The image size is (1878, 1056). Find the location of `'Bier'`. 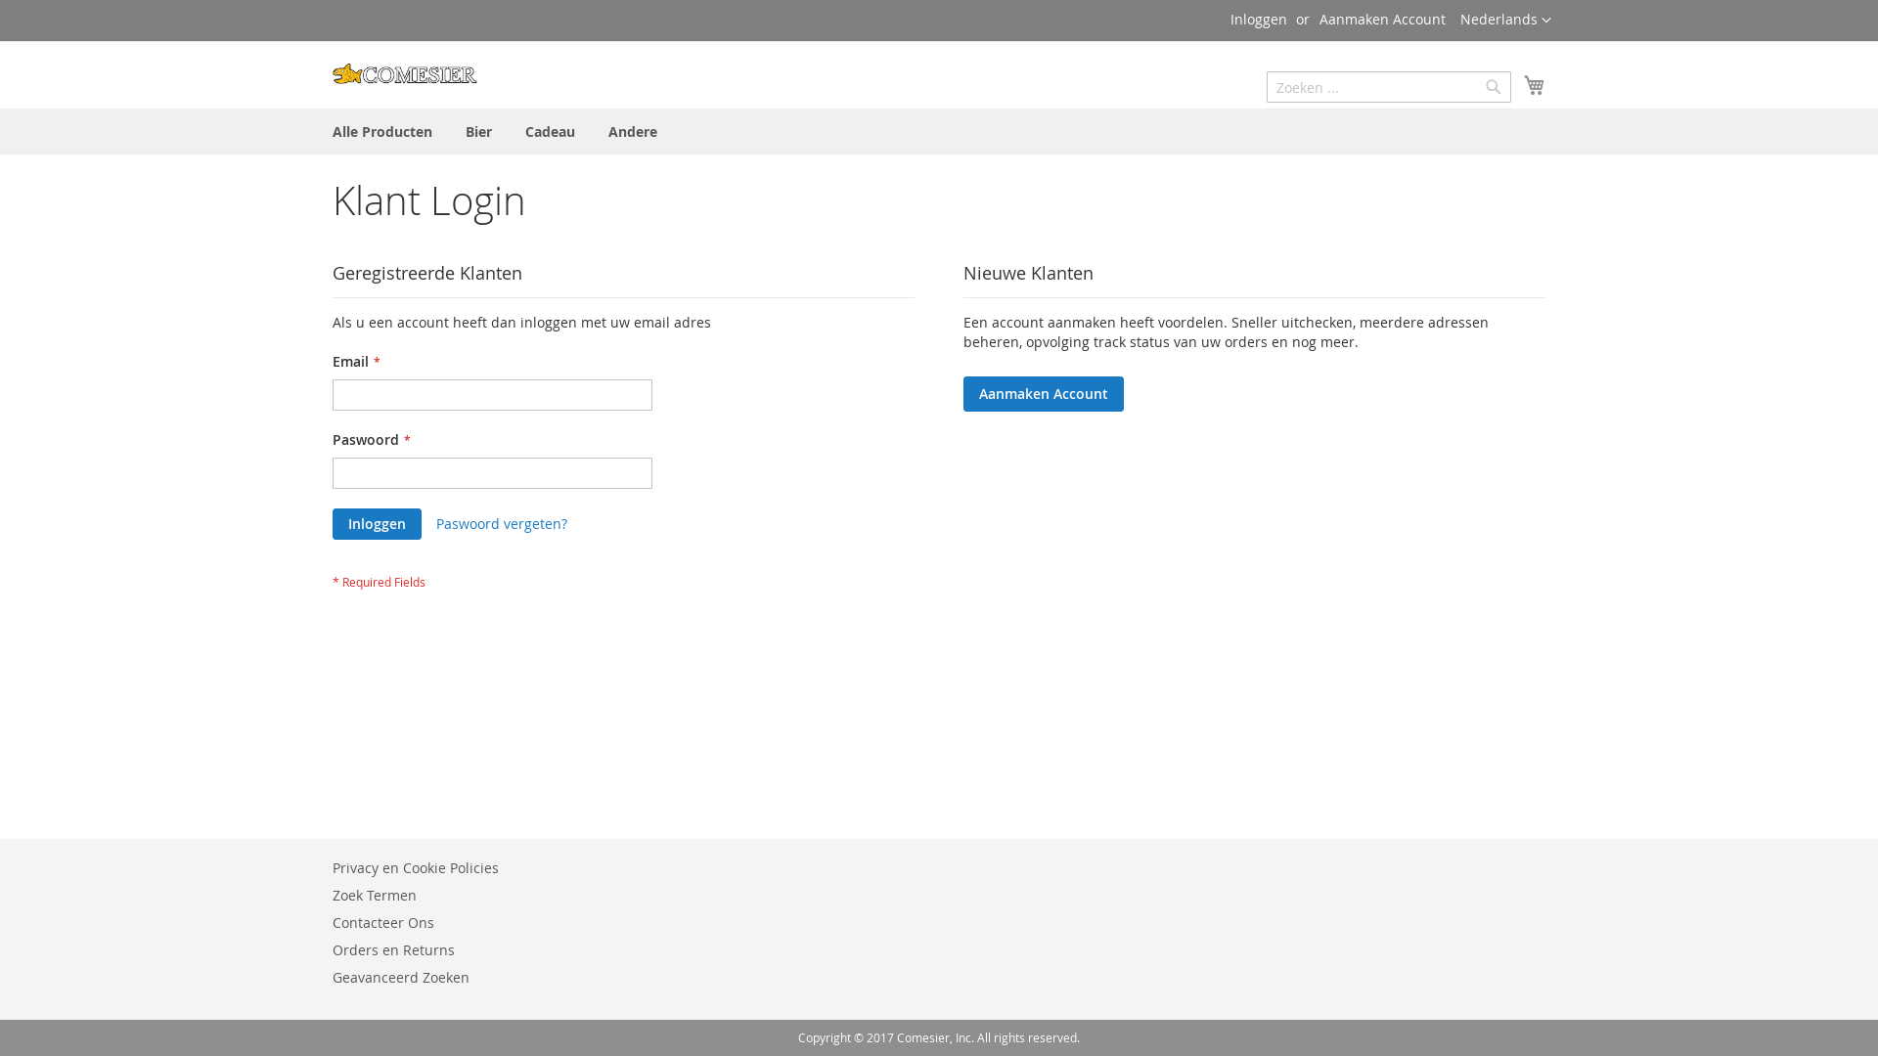

'Bier' is located at coordinates (478, 131).